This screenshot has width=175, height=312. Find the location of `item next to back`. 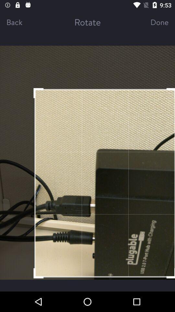

item next to back is located at coordinates (87, 22).